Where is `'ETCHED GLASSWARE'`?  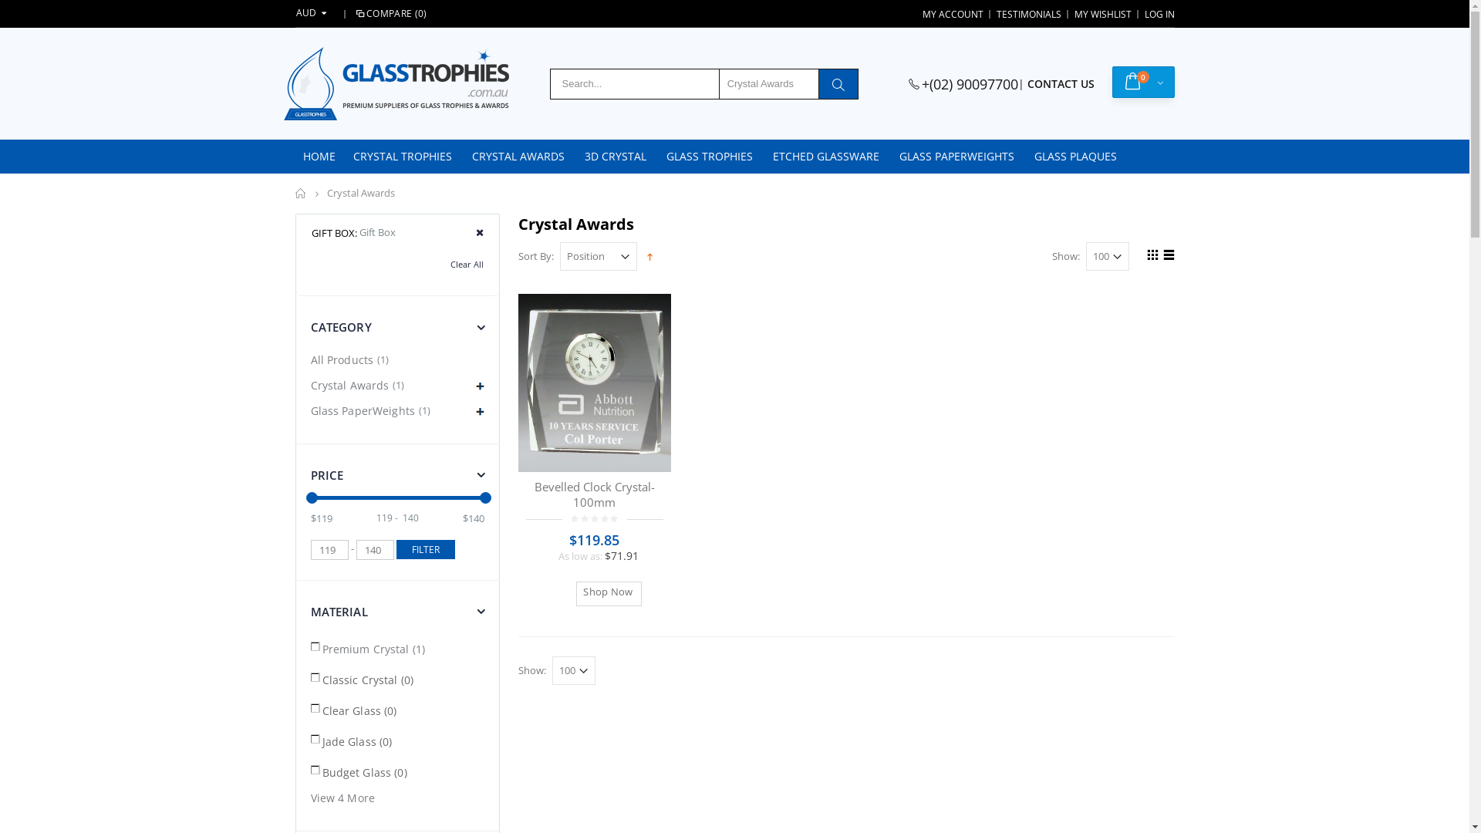
'ETCHED GLASSWARE' is located at coordinates (825, 157).